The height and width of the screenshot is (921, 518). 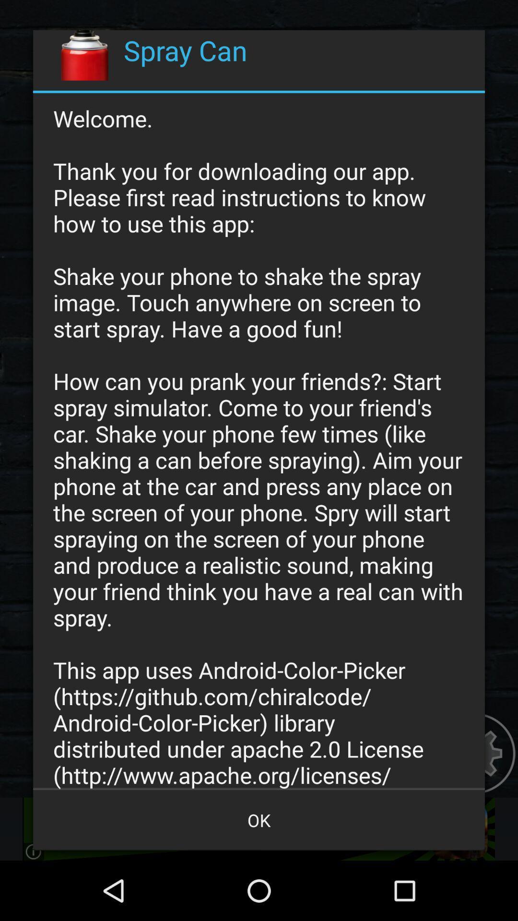 What do you see at coordinates (259, 819) in the screenshot?
I see `the ok icon` at bounding box center [259, 819].